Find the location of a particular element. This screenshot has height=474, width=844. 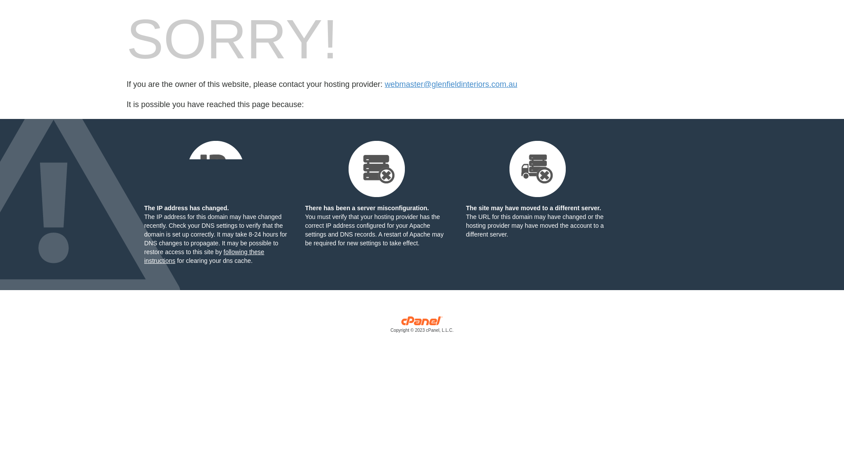

'following these instructions' is located at coordinates (204, 256).